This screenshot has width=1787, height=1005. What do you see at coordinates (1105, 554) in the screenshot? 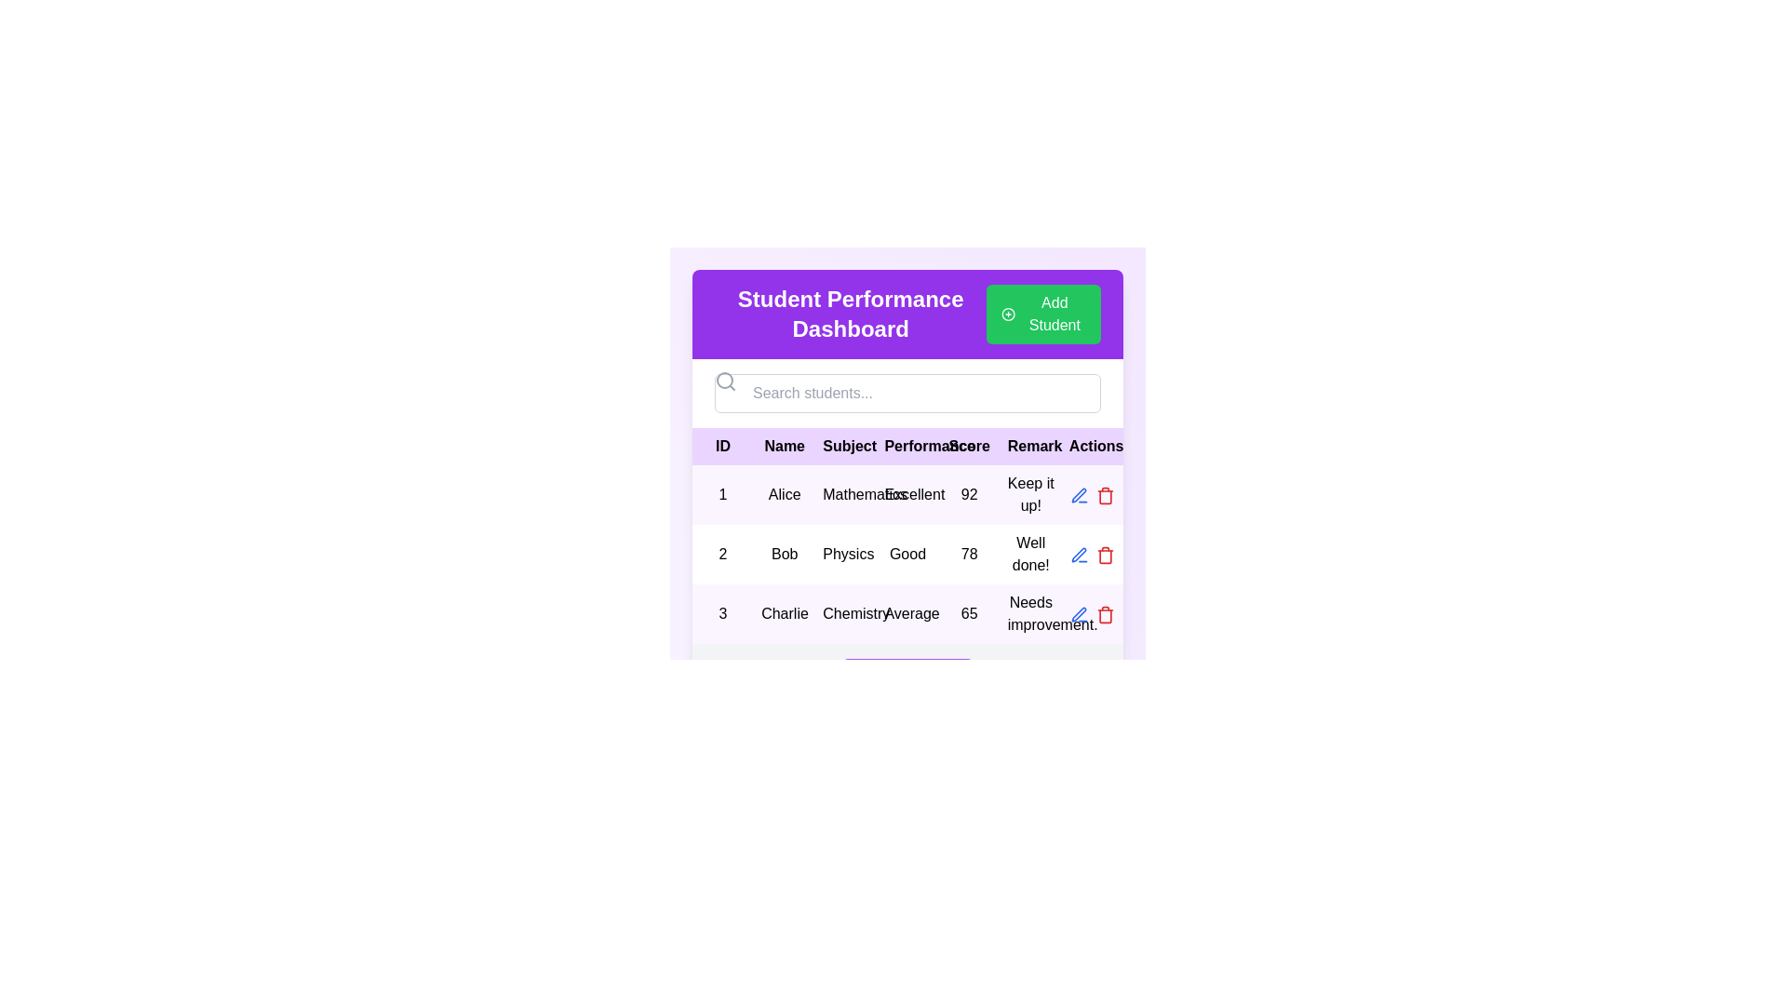
I see `the delete action button, which is represented by a trash can icon located in the 'Actions' column of the second row of the table` at bounding box center [1105, 554].